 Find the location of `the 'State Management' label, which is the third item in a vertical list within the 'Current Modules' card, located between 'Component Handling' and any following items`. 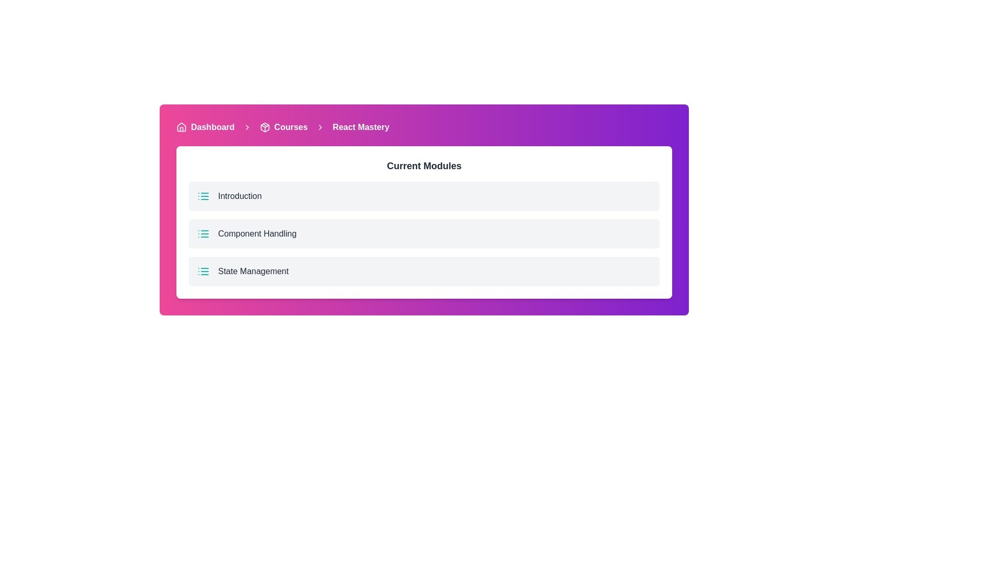

the 'State Management' label, which is the third item in a vertical list within the 'Current Modules' card, located between 'Component Handling' and any following items is located at coordinates (253, 271).